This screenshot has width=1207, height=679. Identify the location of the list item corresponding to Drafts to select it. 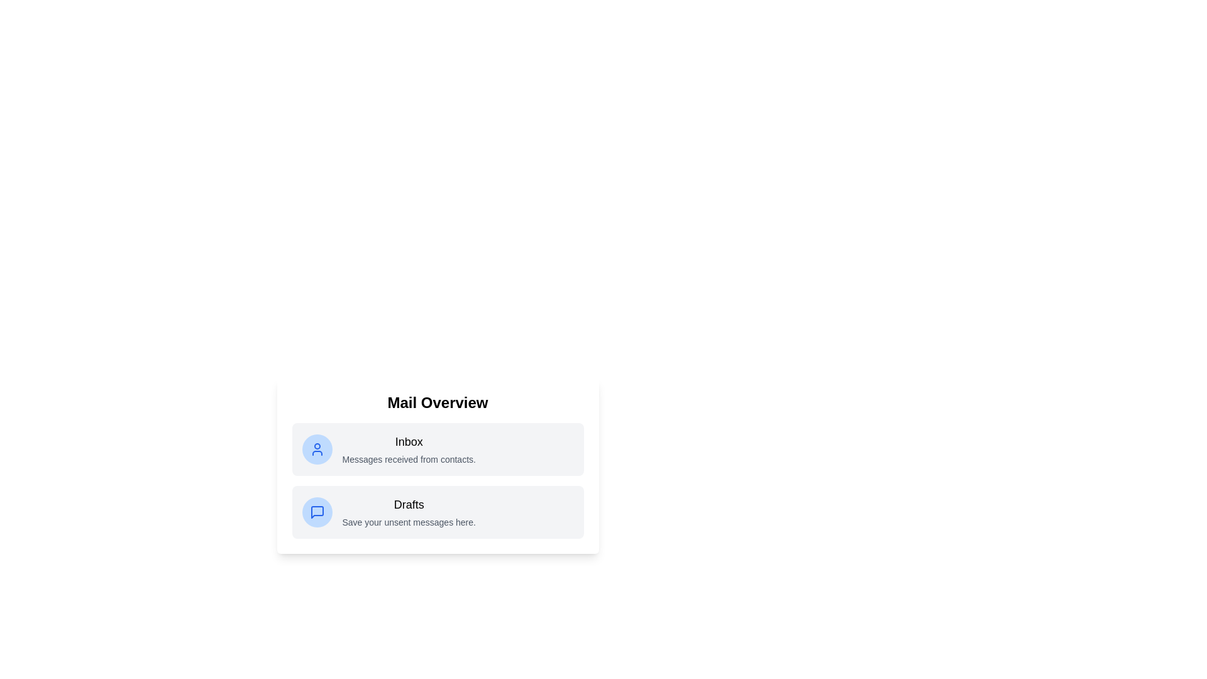
(438, 512).